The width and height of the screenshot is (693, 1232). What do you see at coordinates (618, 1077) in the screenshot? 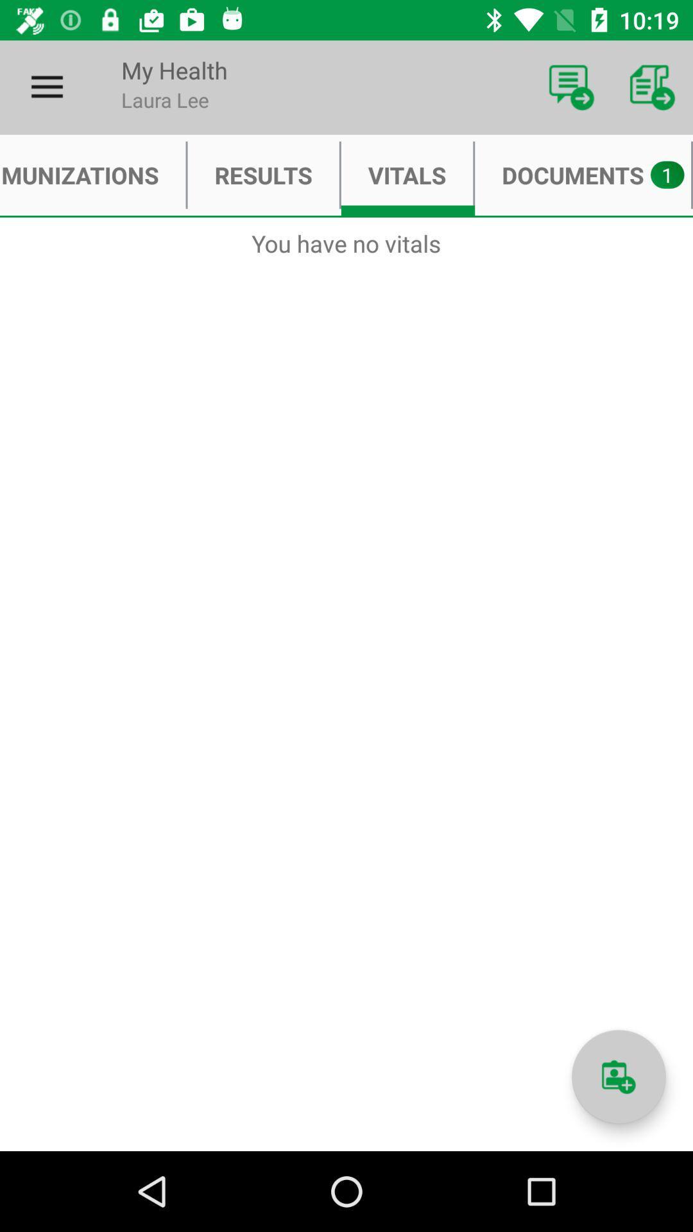
I see `document` at bounding box center [618, 1077].